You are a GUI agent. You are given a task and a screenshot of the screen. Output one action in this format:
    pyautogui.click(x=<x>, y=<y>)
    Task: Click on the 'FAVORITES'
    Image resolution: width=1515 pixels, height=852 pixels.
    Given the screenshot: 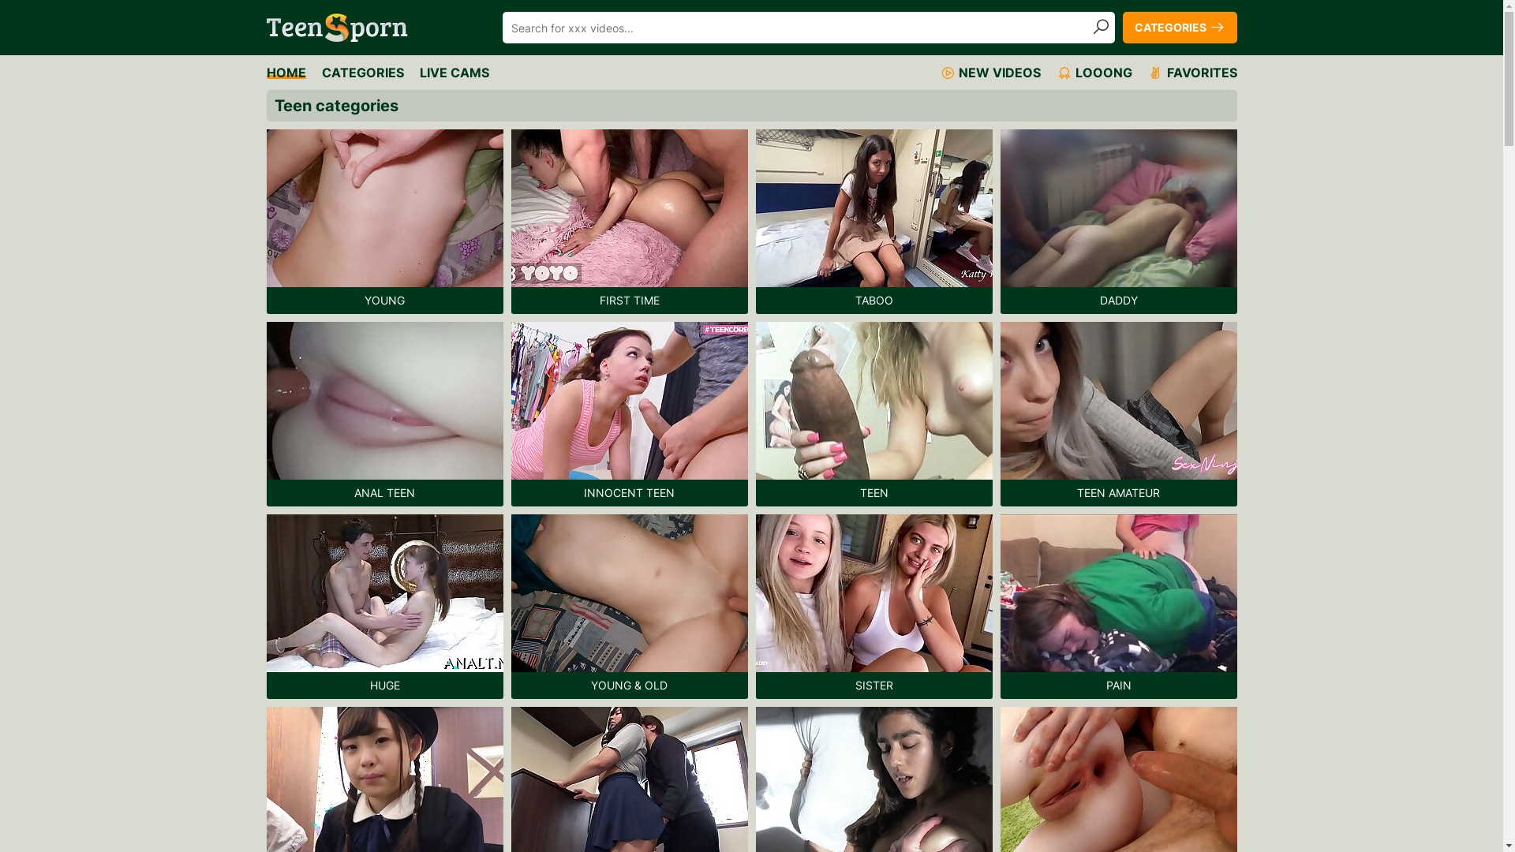 What is the action you would take?
    pyautogui.click(x=1191, y=73)
    